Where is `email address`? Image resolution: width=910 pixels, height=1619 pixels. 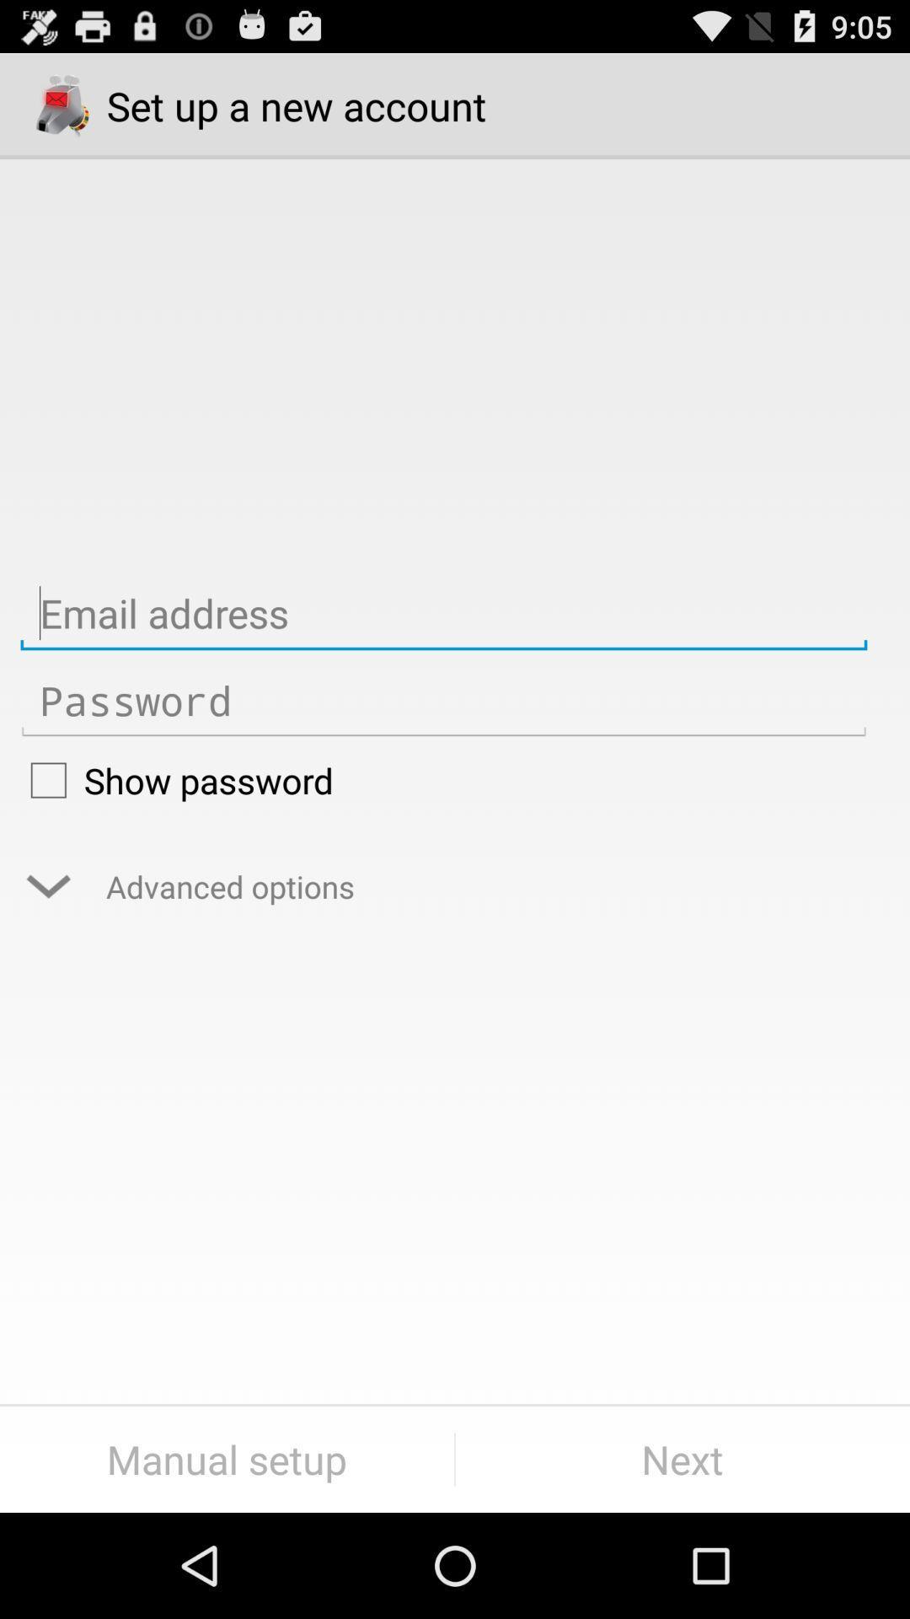
email address is located at coordinates (442, 613).